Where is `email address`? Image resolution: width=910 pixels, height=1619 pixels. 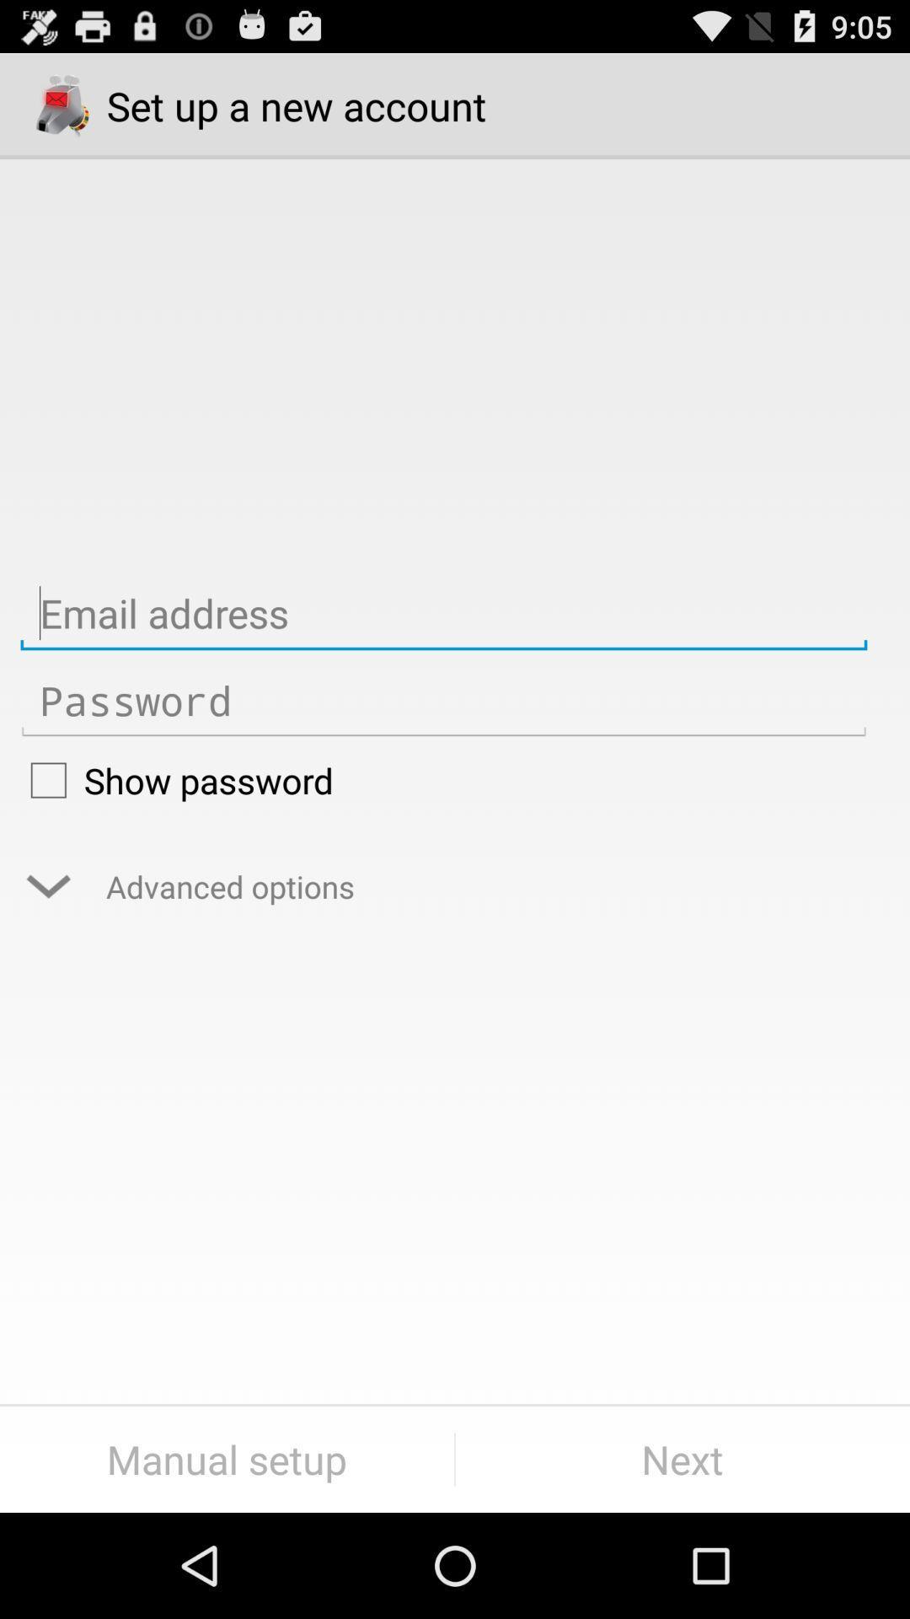
email address is located at coordinates (442, 613).